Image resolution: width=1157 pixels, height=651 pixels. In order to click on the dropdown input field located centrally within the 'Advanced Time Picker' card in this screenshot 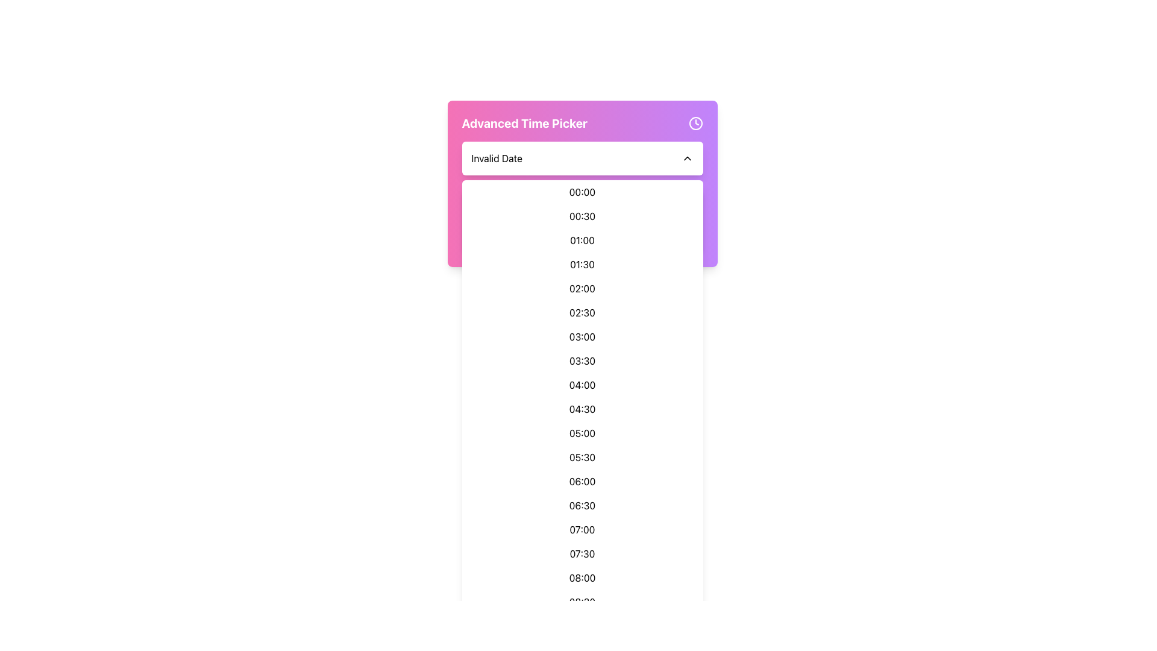, I will do `click(582, 157)`.